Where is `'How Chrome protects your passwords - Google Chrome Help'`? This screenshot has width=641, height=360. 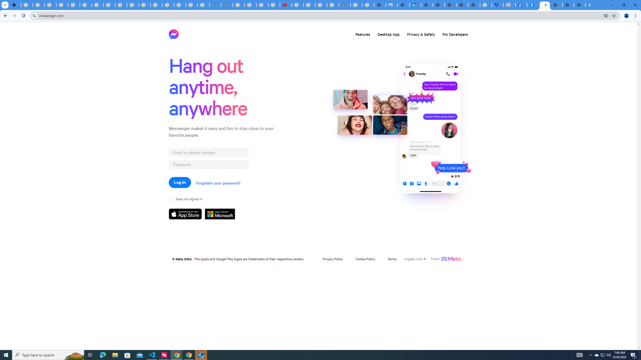 'How Chrome protects your passwords - Google Chrome Help' is located at coordinates (298, 5).